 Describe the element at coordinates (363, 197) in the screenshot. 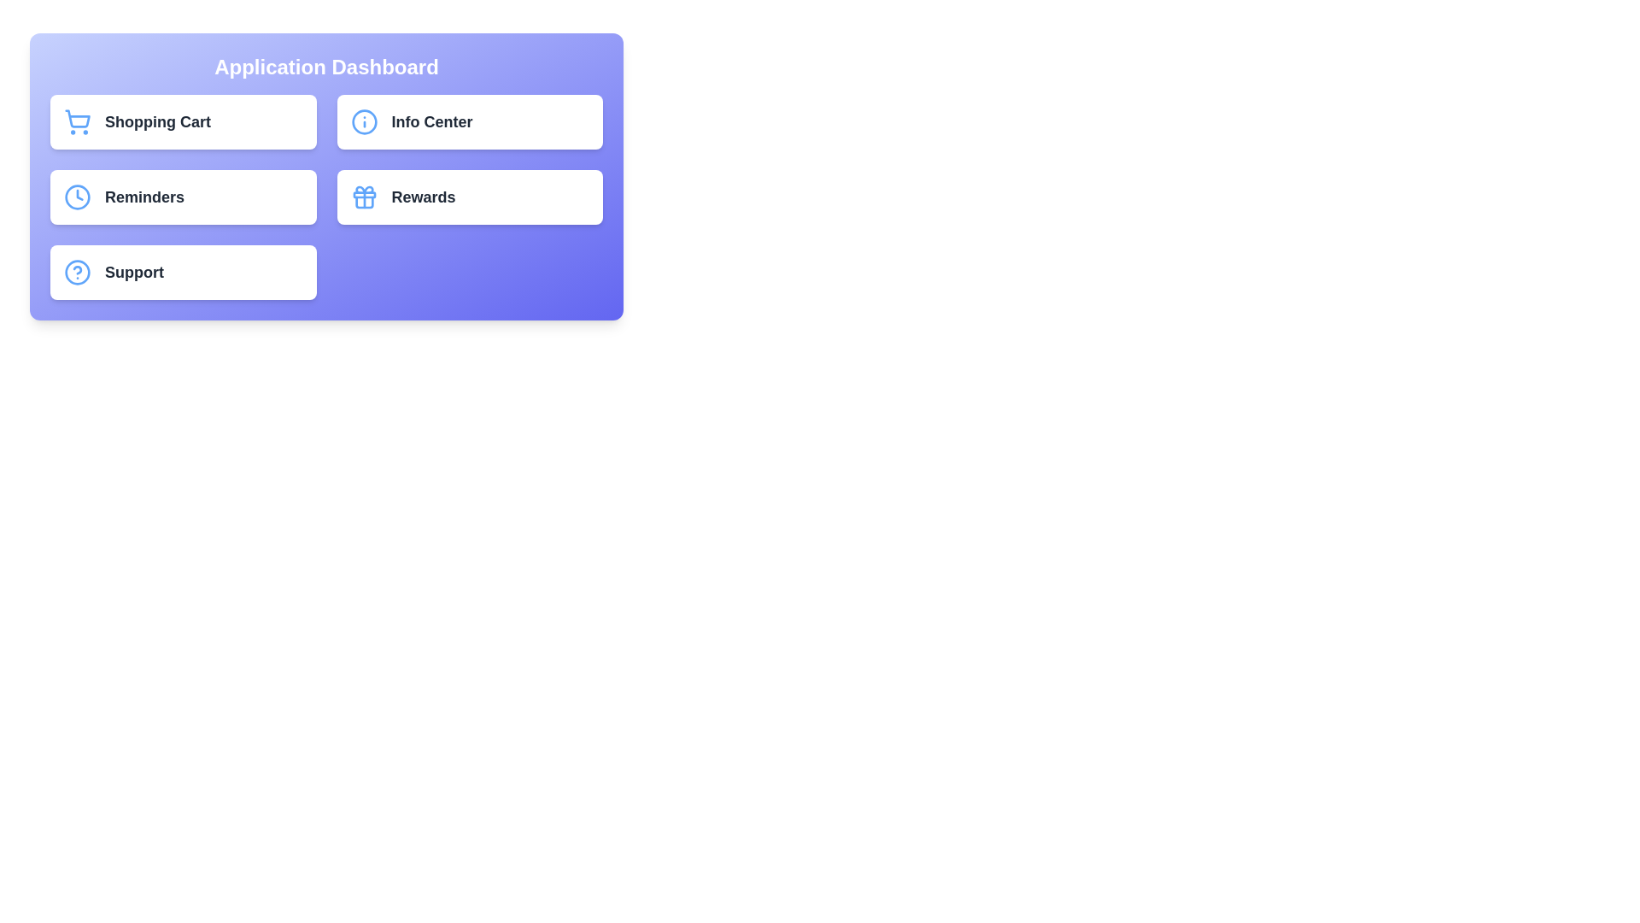

I see `the 'Rewards' icon located on the right side of the second row of options under the 'Application Dashboard' header` at that location.